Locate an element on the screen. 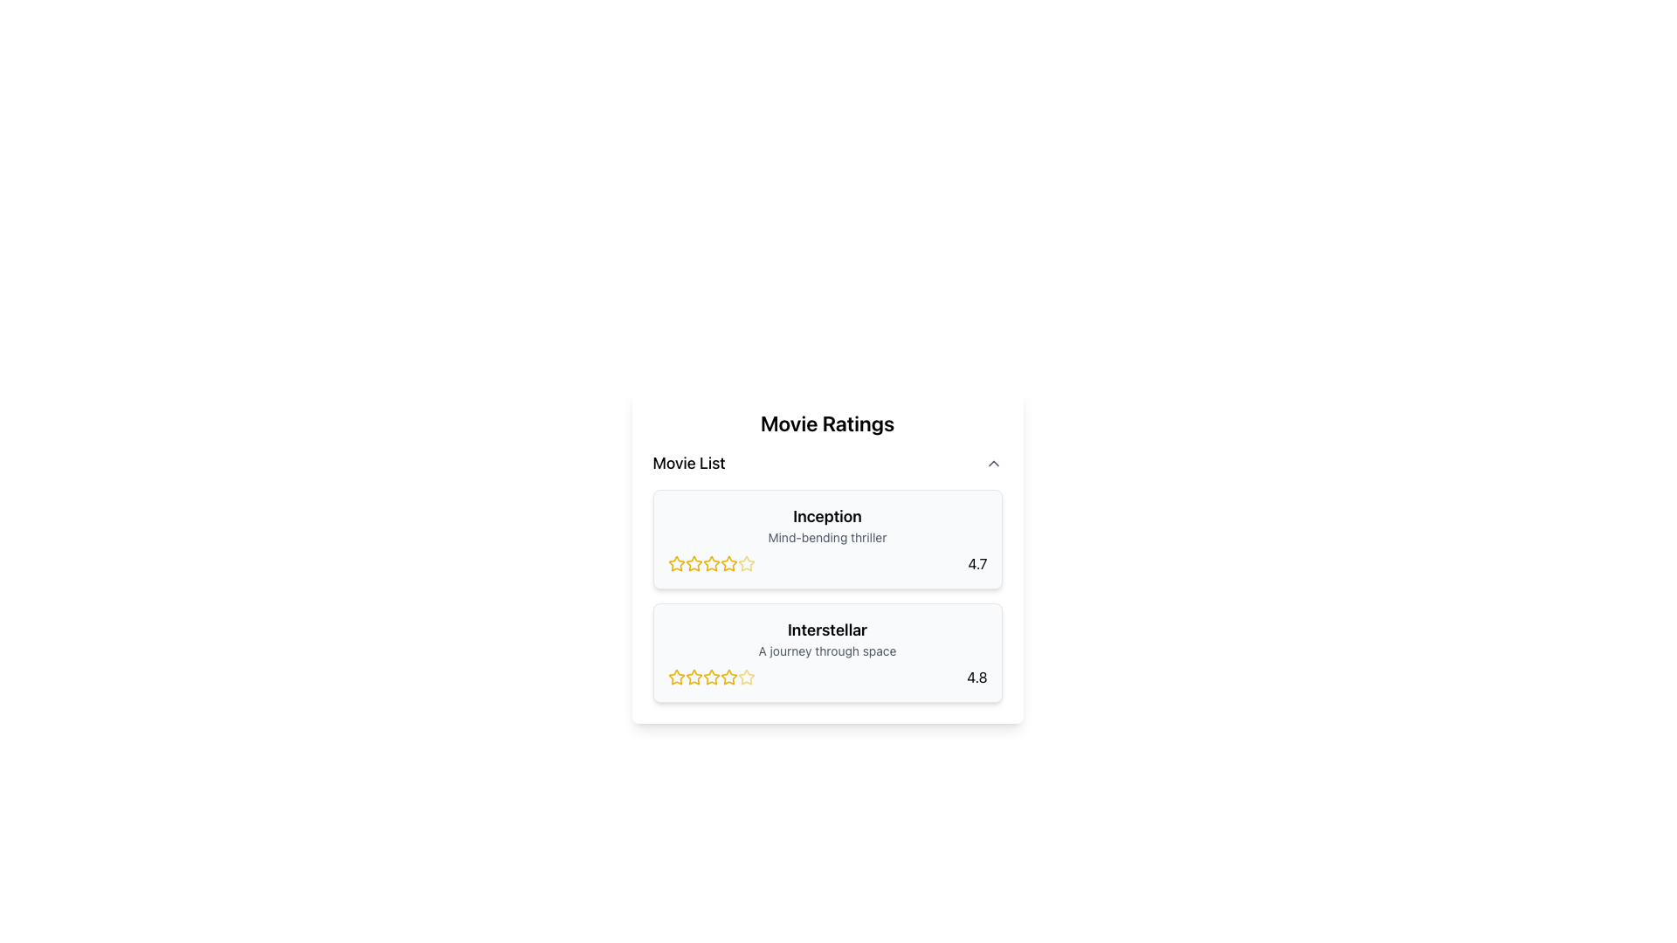 The image size is (1677, 943). the fifth yellow star icon in the rating system under the 'Interstellar' movie entry to rate it is located at coordinates (728, 676).